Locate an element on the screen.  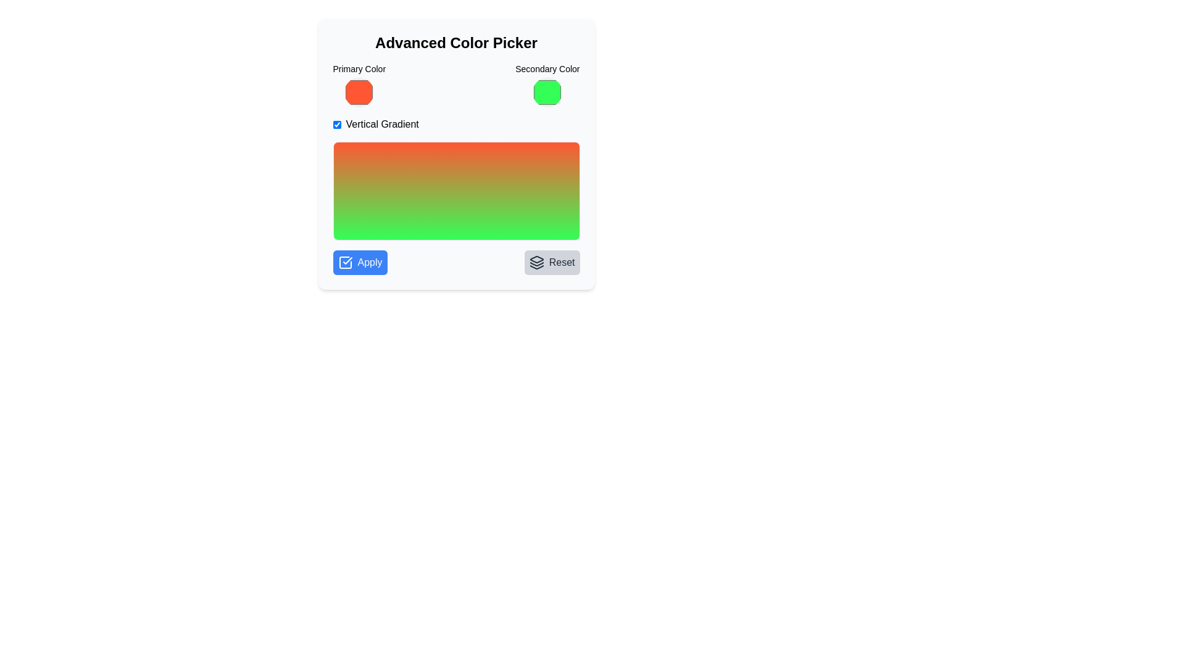
the Preview area that displays a vertical gradient between the primary and secondary colors, located centrally below the 'Vertical Gradient' checkbox is located at coordinates (455, 191).